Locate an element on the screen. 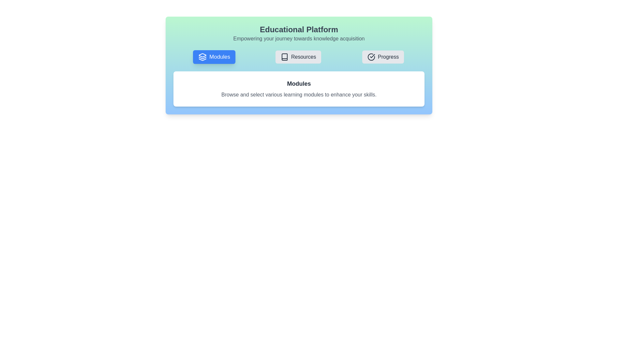 The height and width of the screenshot is (352, 626). the tab button labeled Progress is located at coordinates (383, 56).